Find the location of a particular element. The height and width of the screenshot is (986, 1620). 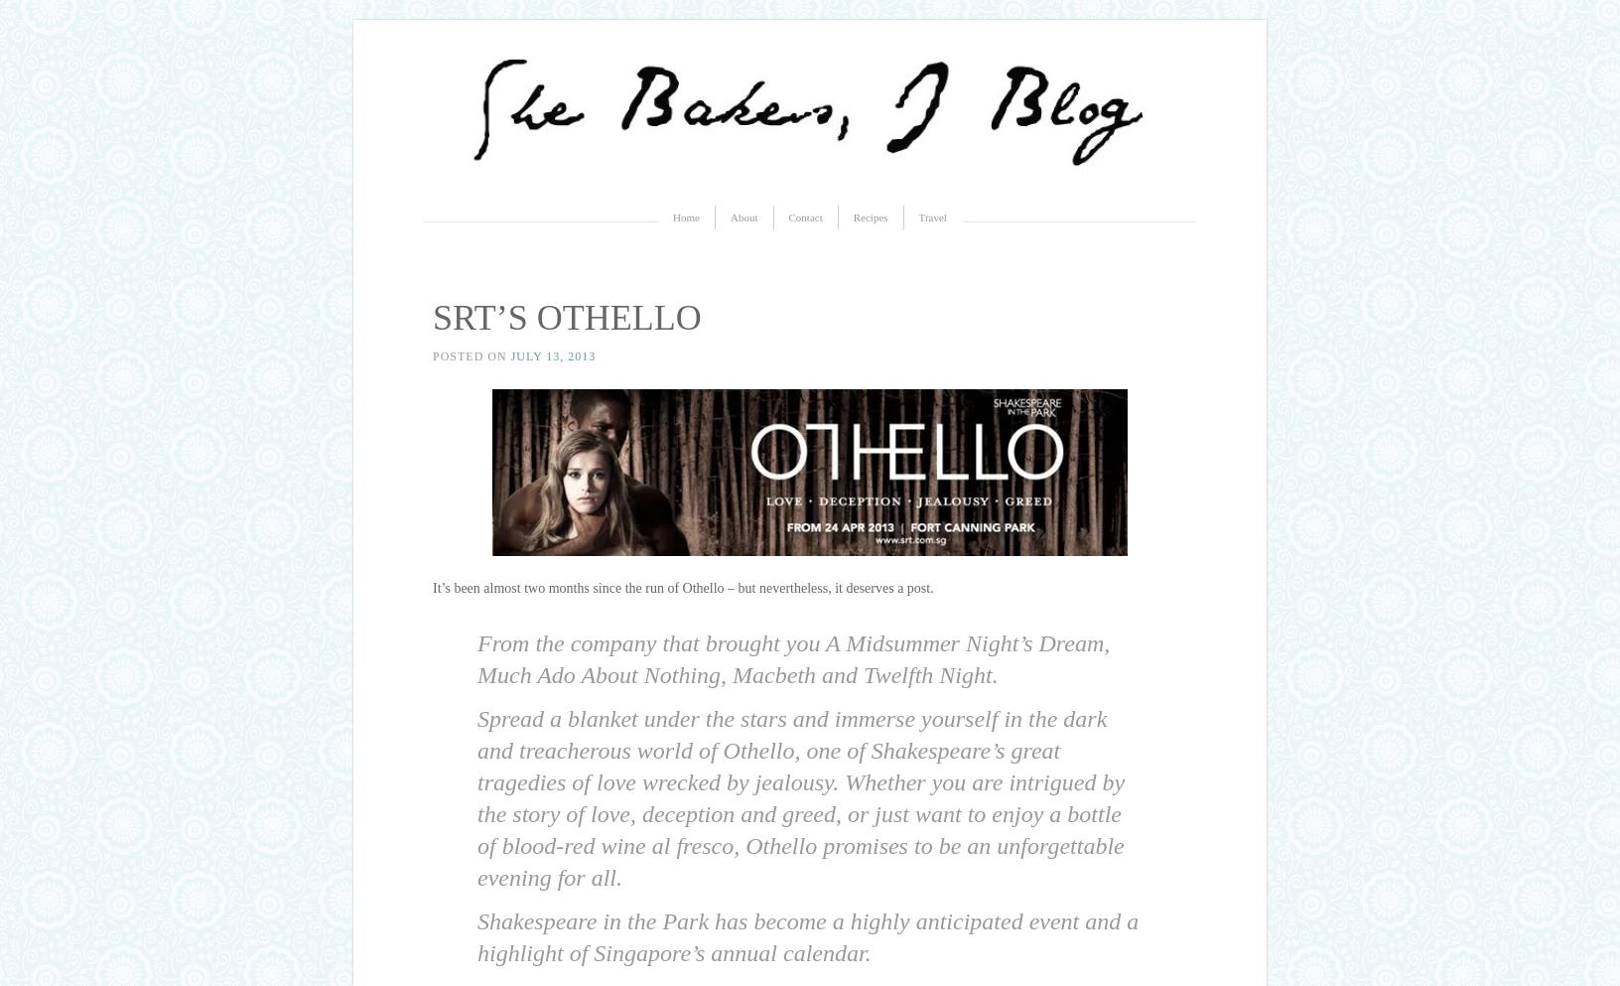

'About' is located at coordinates (743, 216).